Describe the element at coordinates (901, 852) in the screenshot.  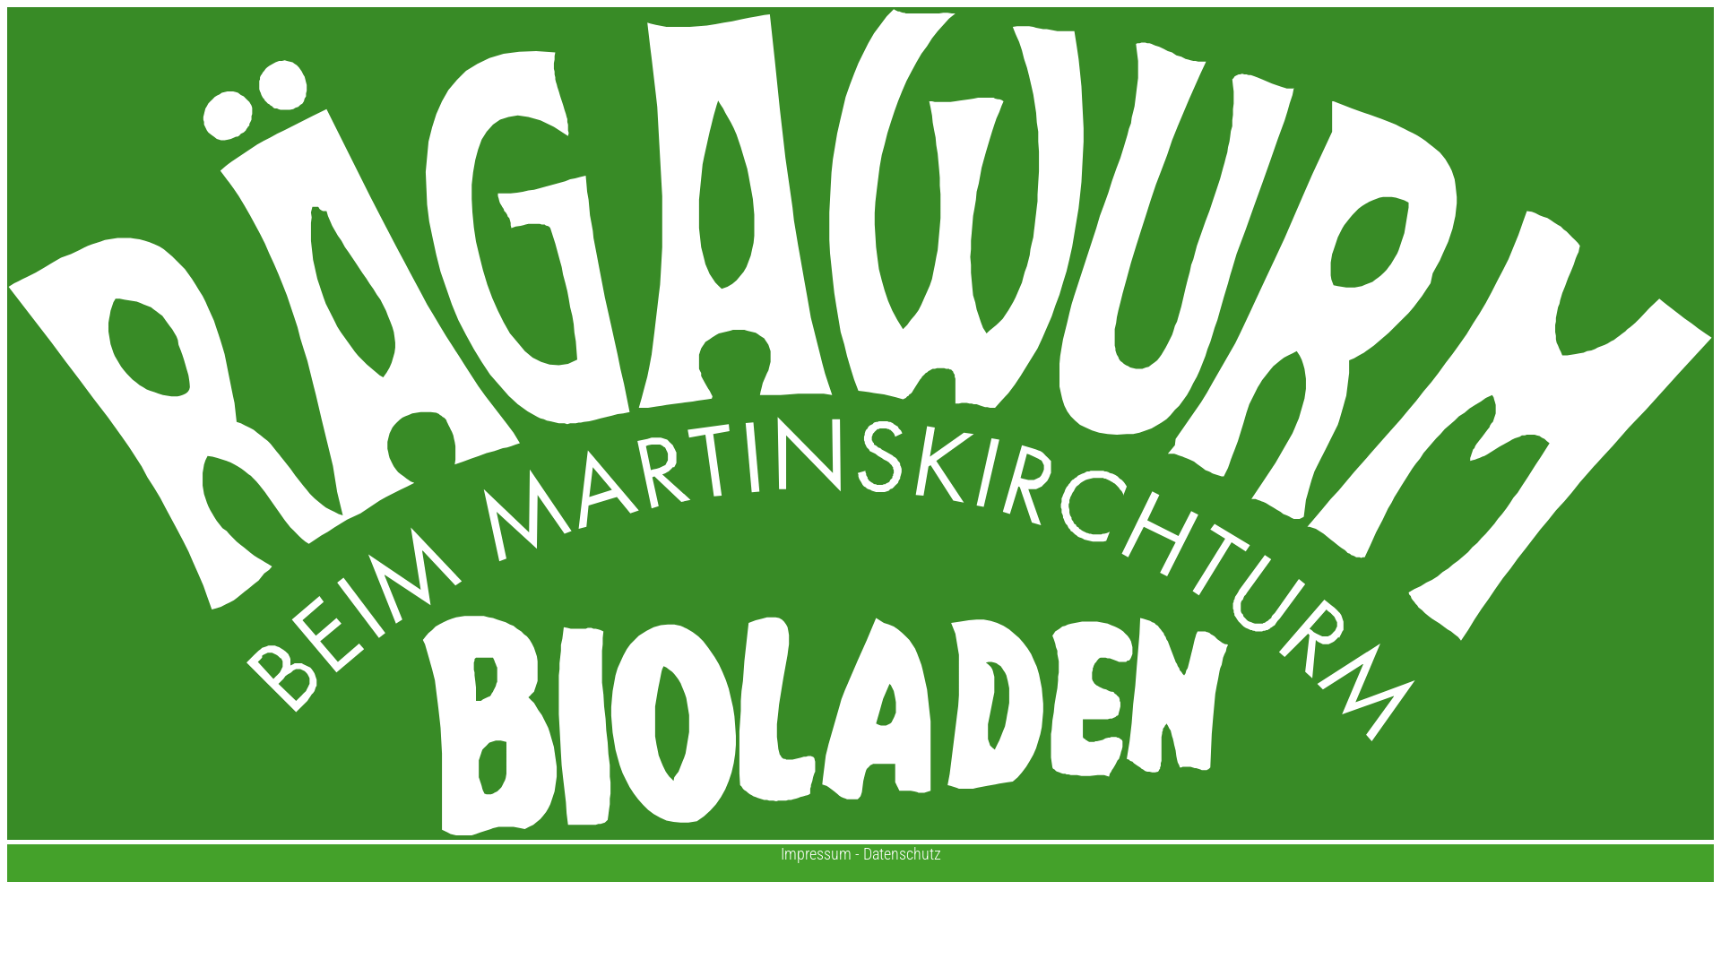
I see `'Datenschutz'` at that location.